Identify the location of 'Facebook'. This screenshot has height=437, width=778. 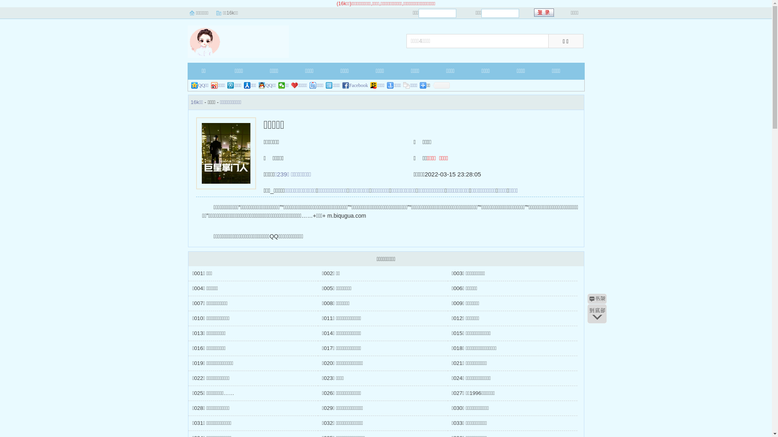
(355, 85).